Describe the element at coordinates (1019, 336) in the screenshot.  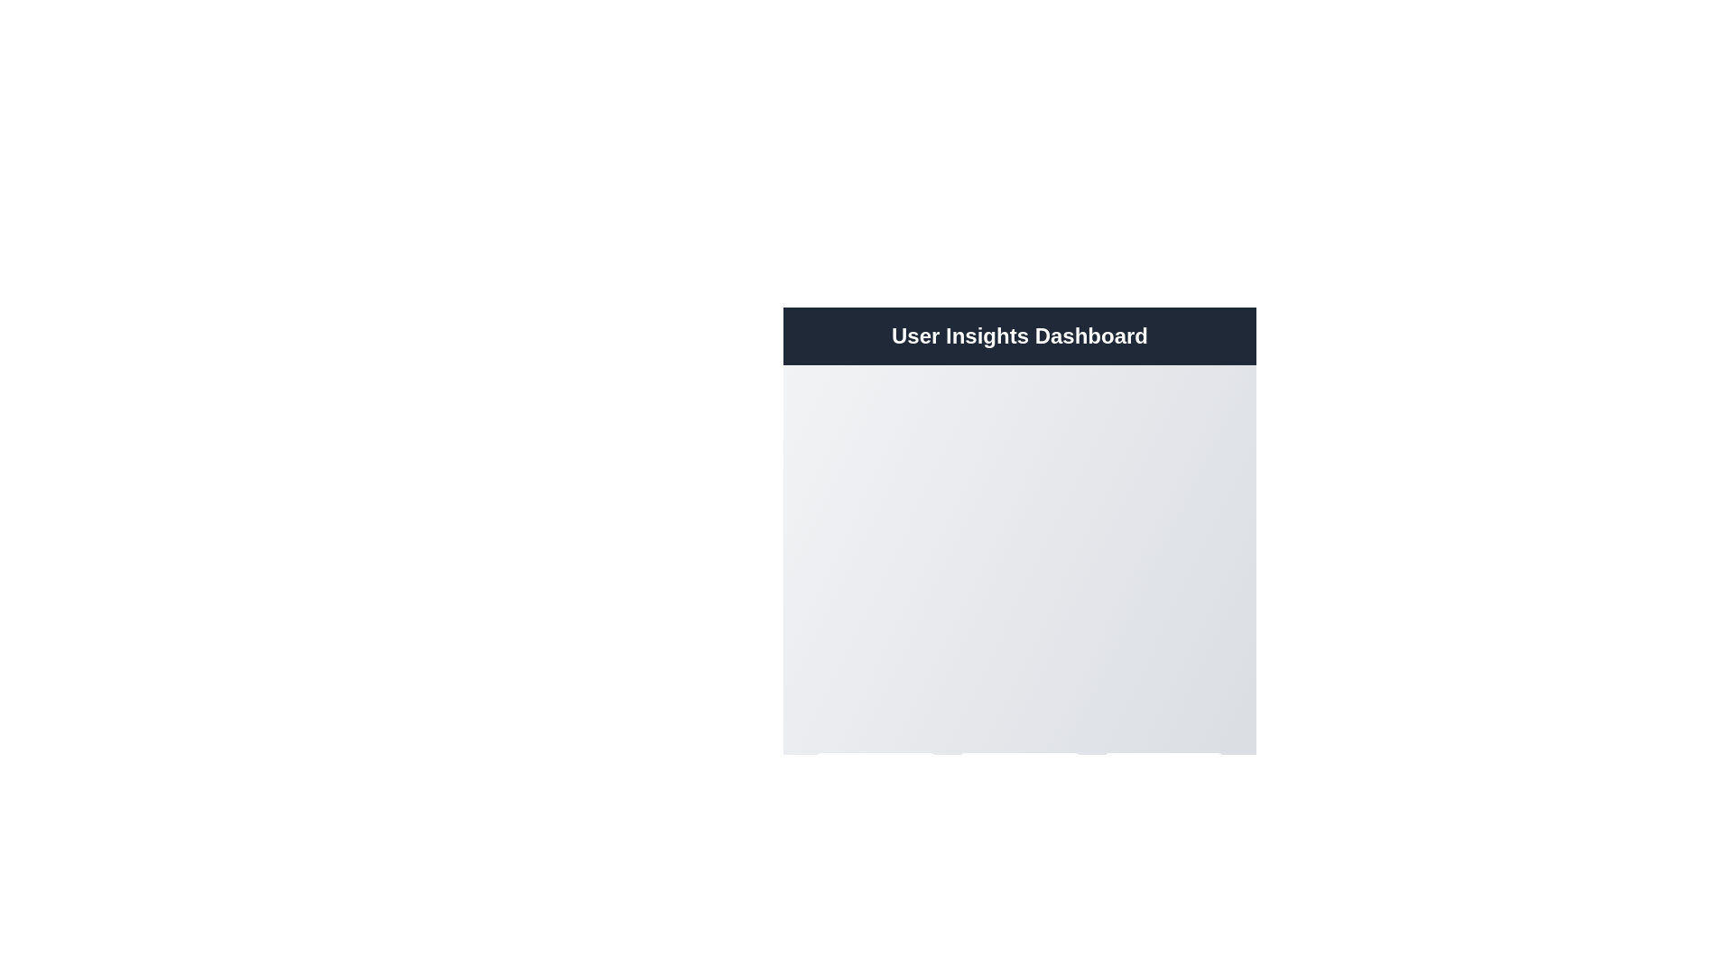
I see `the prominently displayed static text element titled 'User Insights Dashboard', which serves as the header of the page` at that location.